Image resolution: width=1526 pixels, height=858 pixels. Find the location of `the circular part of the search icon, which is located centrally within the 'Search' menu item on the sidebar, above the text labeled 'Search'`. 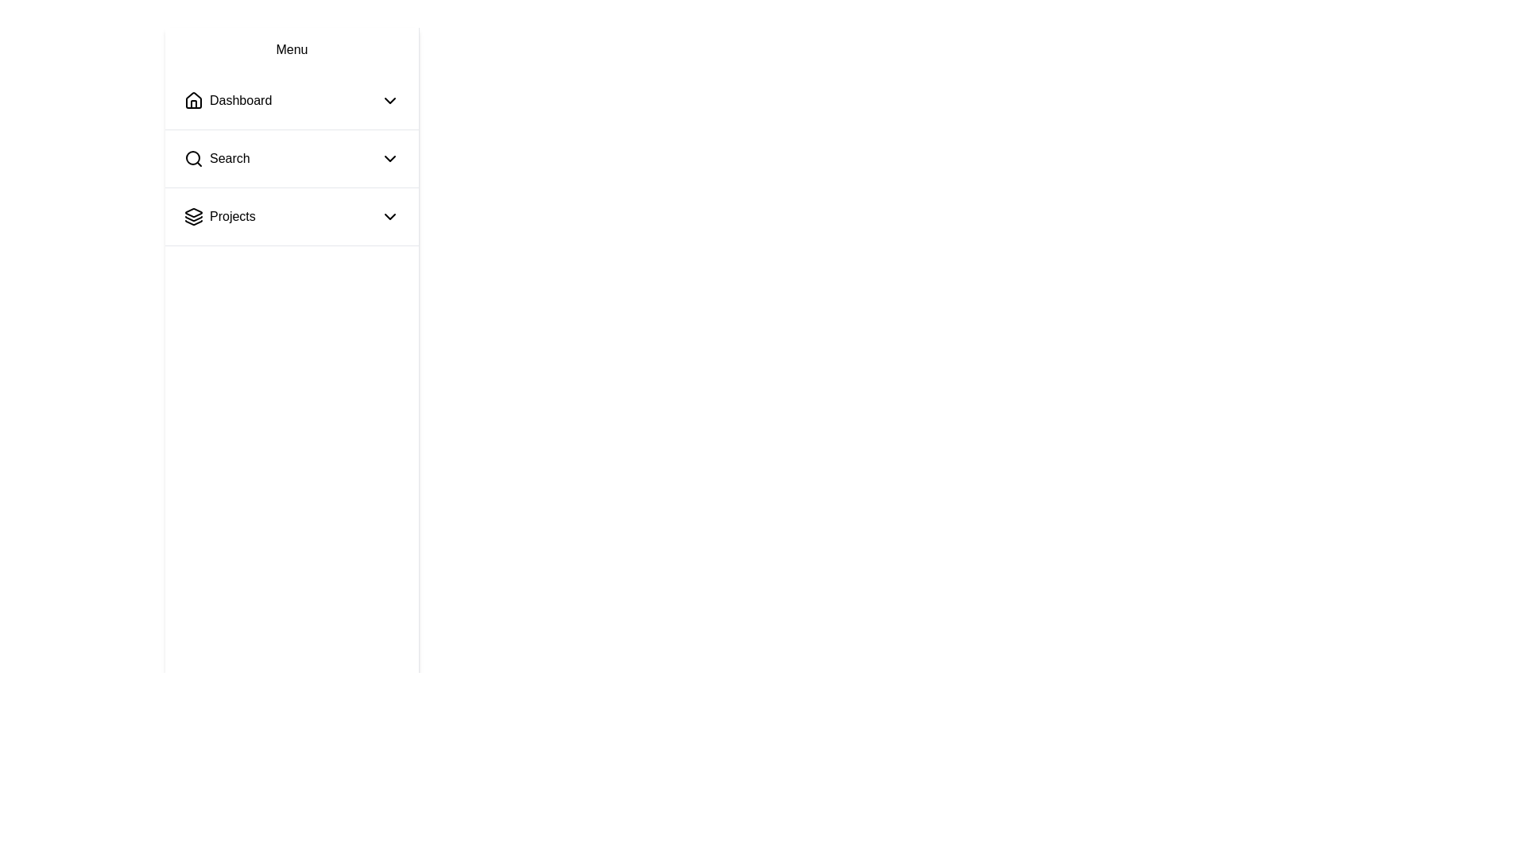

the circular part of the search icon, which is located centrally within the 'Search' menu item on the sidebar, above the text labeled 'Search' is located at coordinates (192, 158).